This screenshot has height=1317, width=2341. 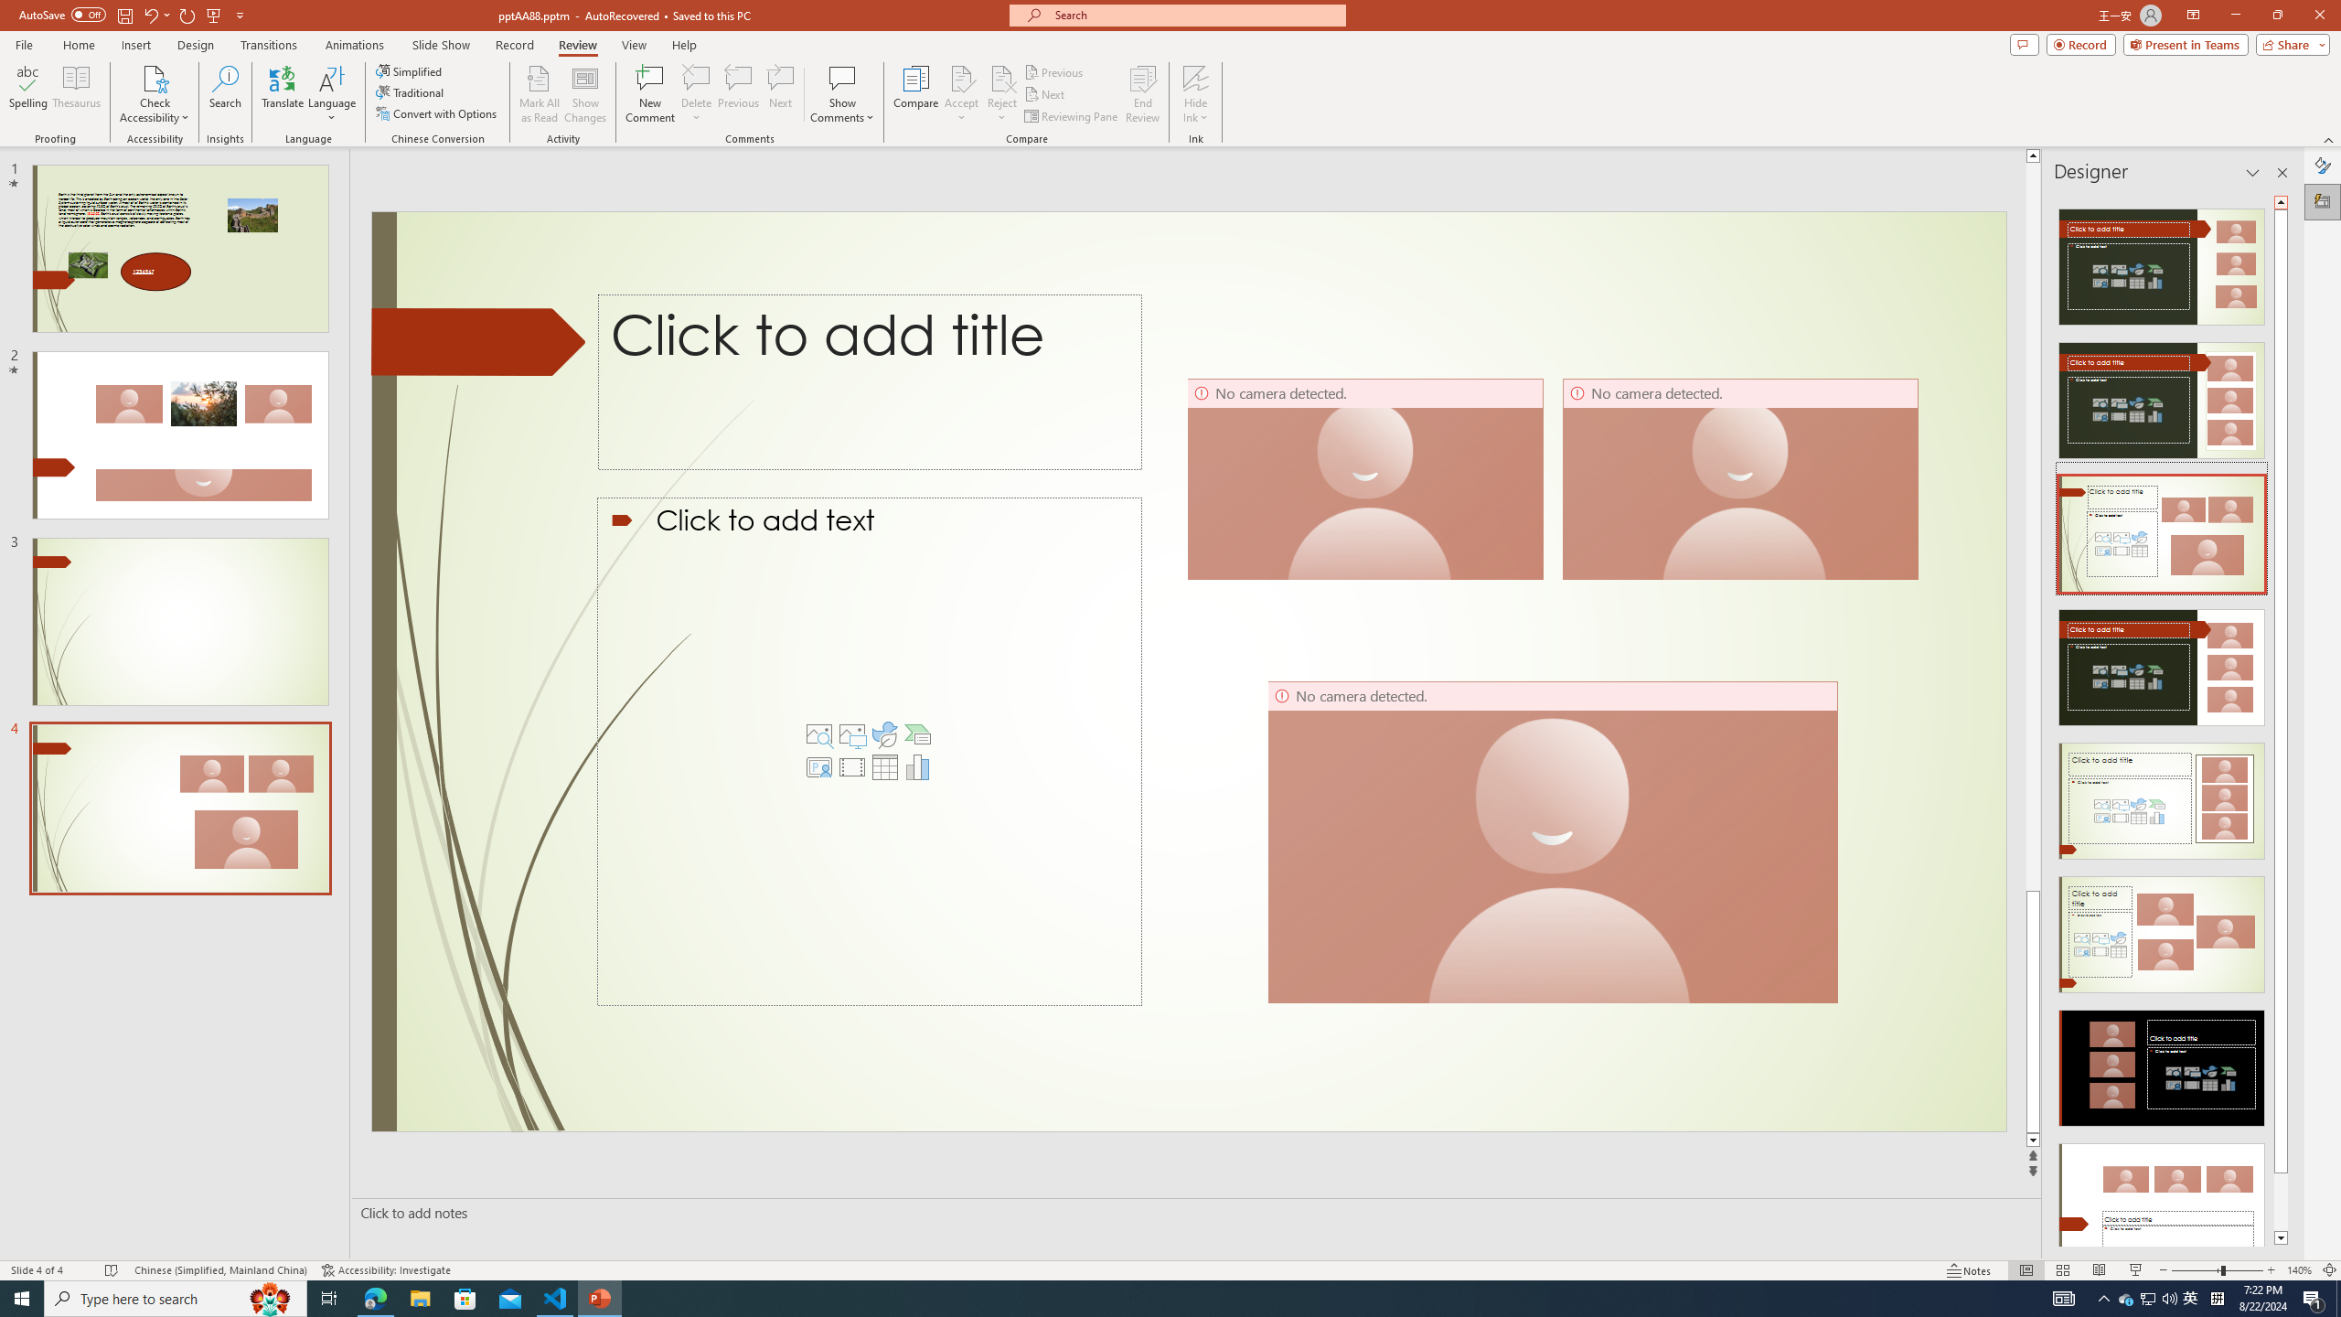 I want to click on 'Zoom 140%', so click(x=2300, y=1270).